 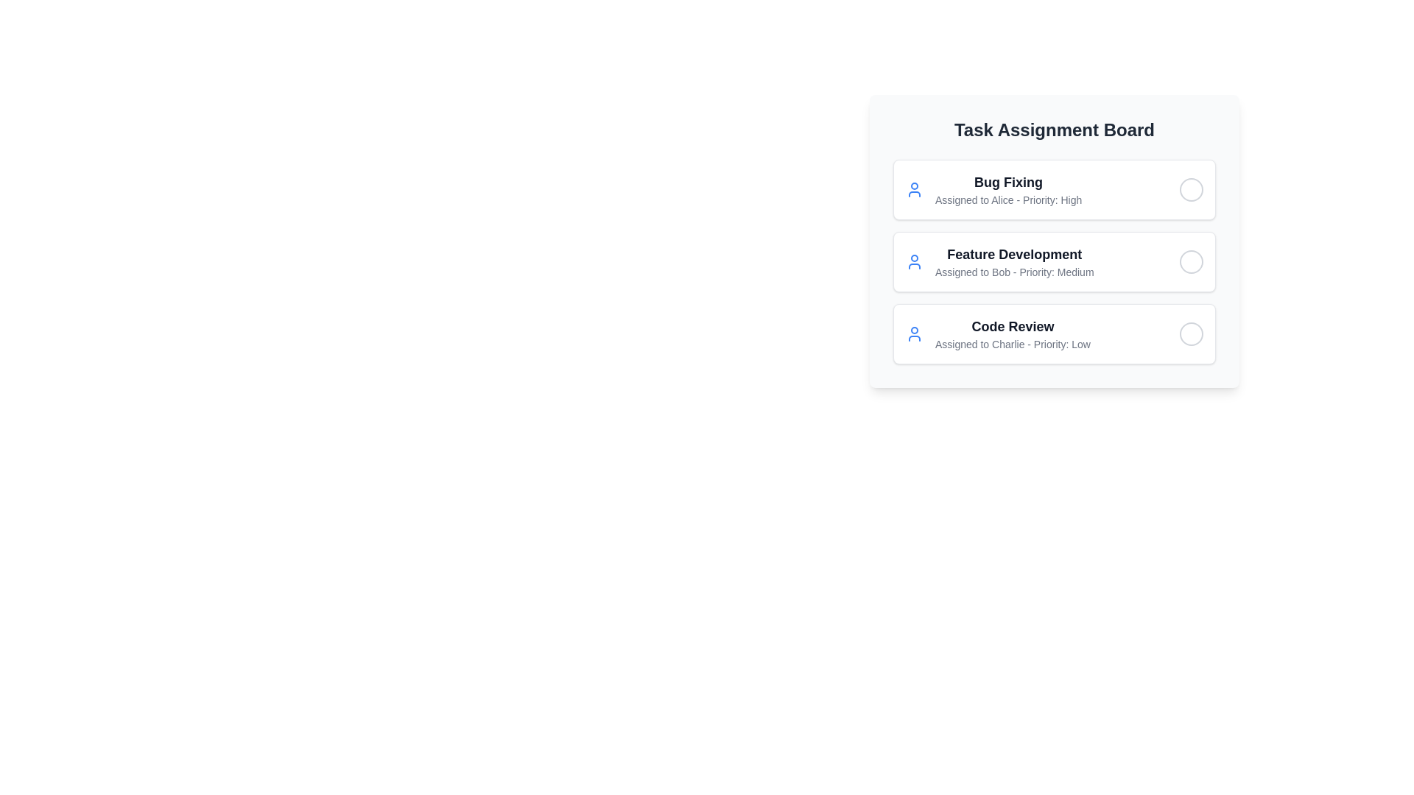 What do you see at coordinates (993, 189) in the screenshot?
I see `the task entry titled 'Bug Fixing' with the description 'Assigned to Alice - Priority: High'` at bounding box center [993, 189].